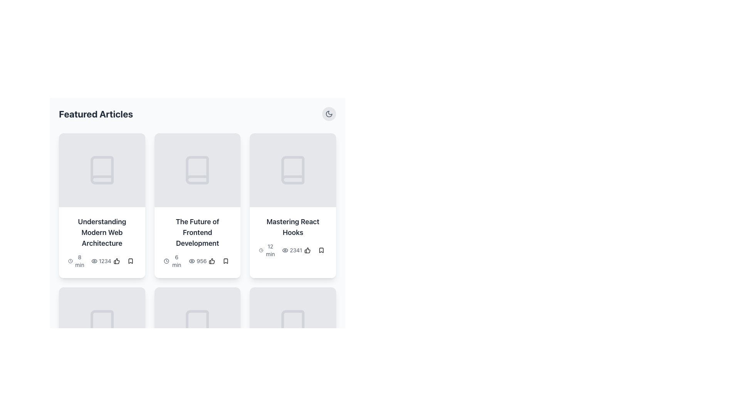 This screenshot has width=740, height=416. I want to click on the eye-shaped icon representing 'view' or 'visibility' located under the title 'The Future of Frontend Development', to the left of the numeric display '956', so click(192, 261).